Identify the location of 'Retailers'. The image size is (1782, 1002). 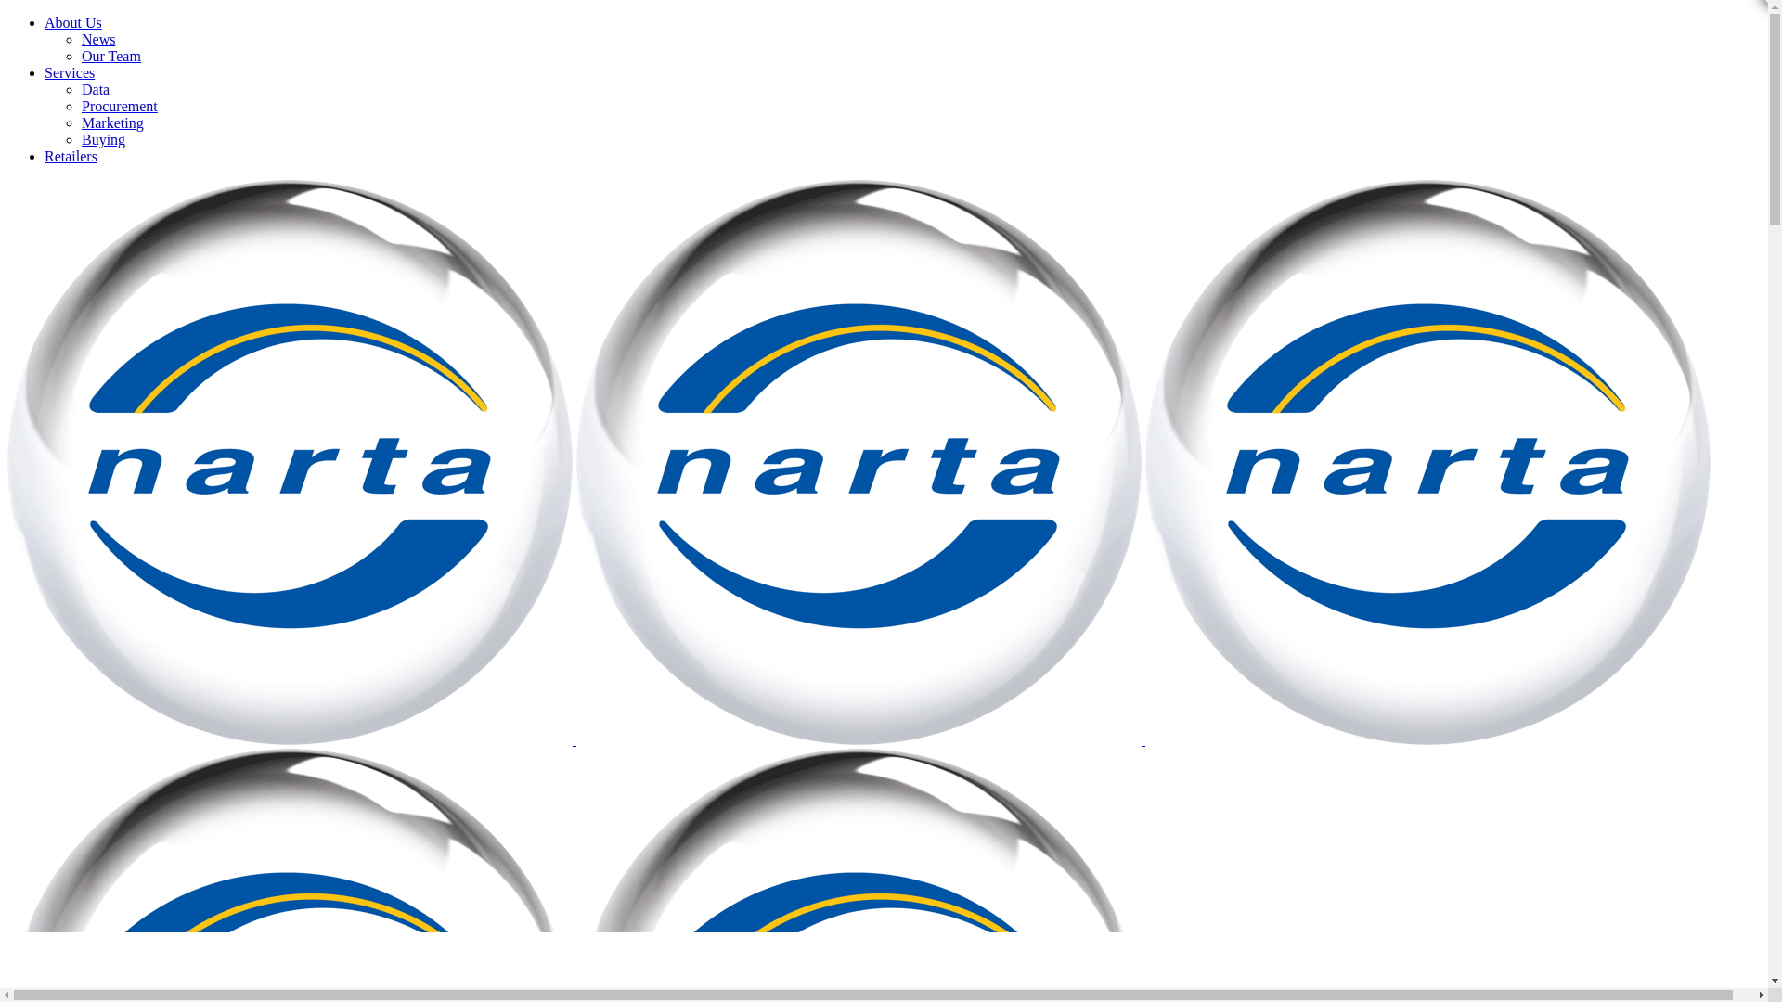
(71, 155).